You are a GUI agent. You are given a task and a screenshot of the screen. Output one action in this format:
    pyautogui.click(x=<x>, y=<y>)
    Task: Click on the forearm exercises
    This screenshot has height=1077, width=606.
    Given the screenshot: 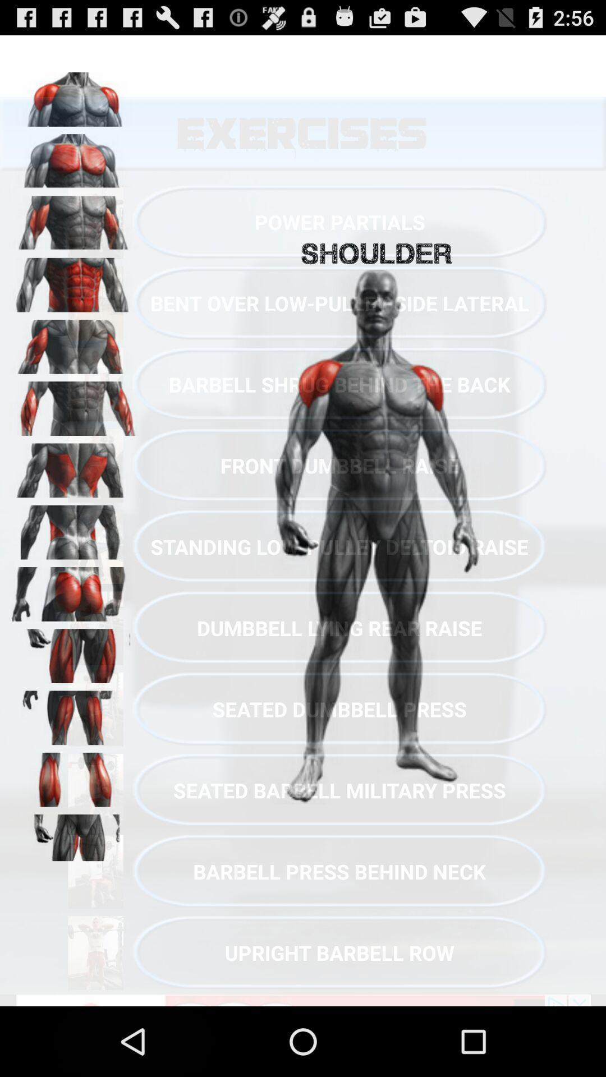 What is the action you would take?
    pyautogui.click(x=74, y=404)
    